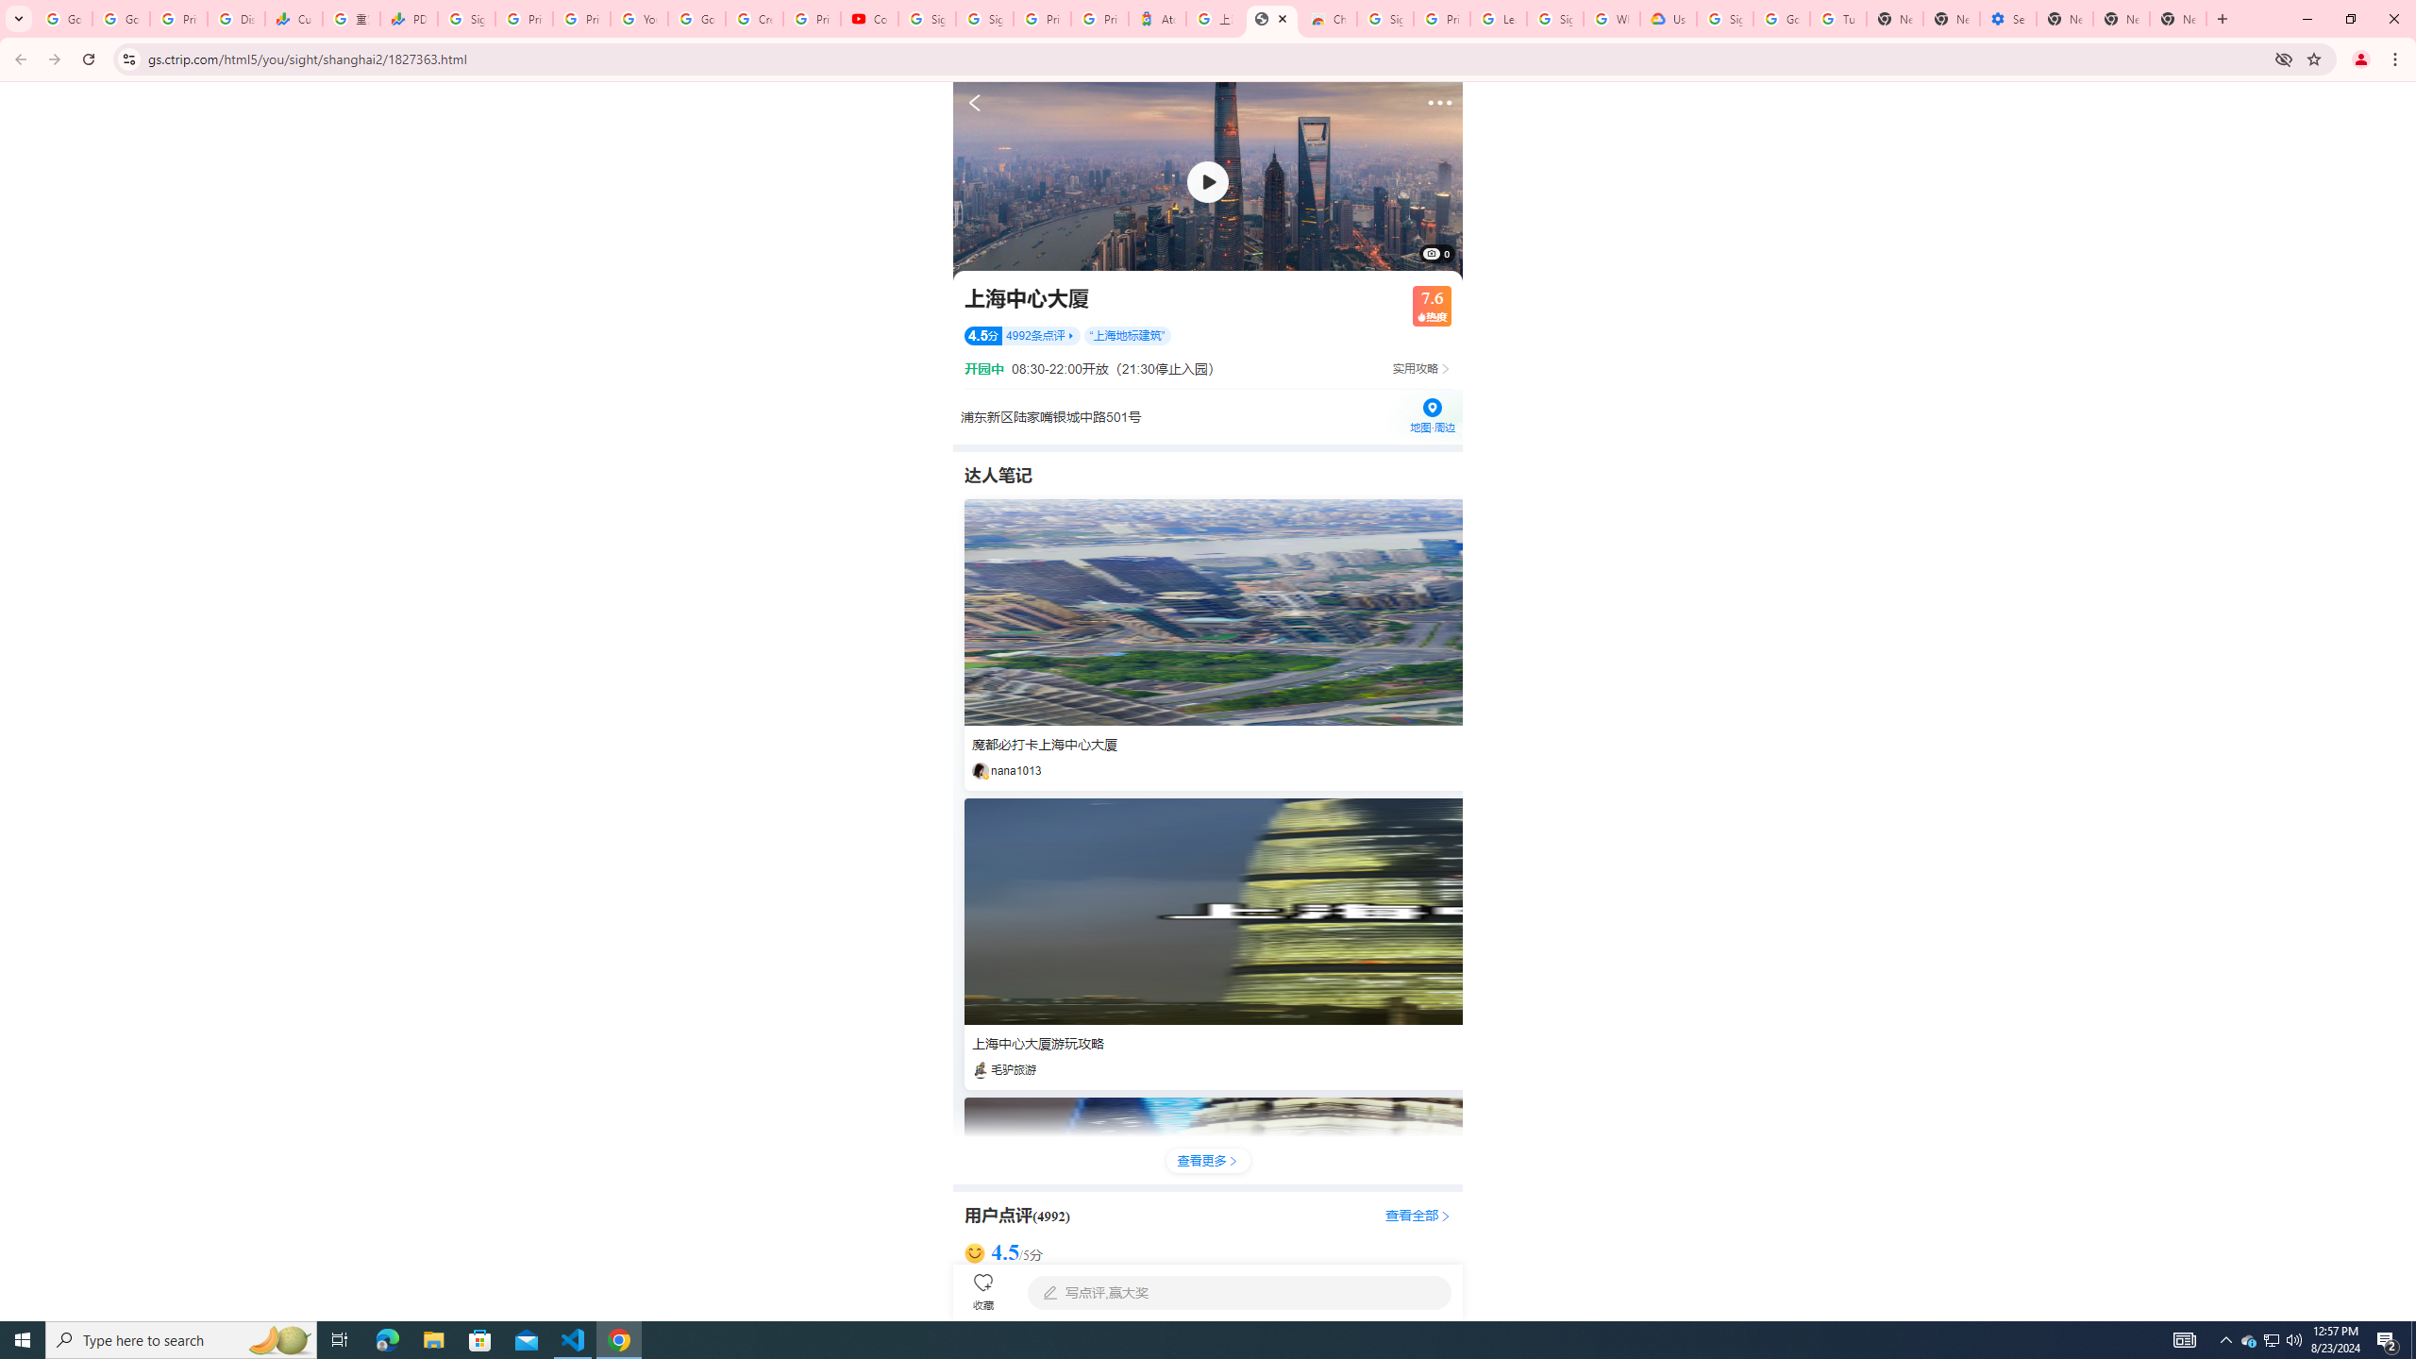  I want to click on 'Google Account Help', so click(1781, 18).